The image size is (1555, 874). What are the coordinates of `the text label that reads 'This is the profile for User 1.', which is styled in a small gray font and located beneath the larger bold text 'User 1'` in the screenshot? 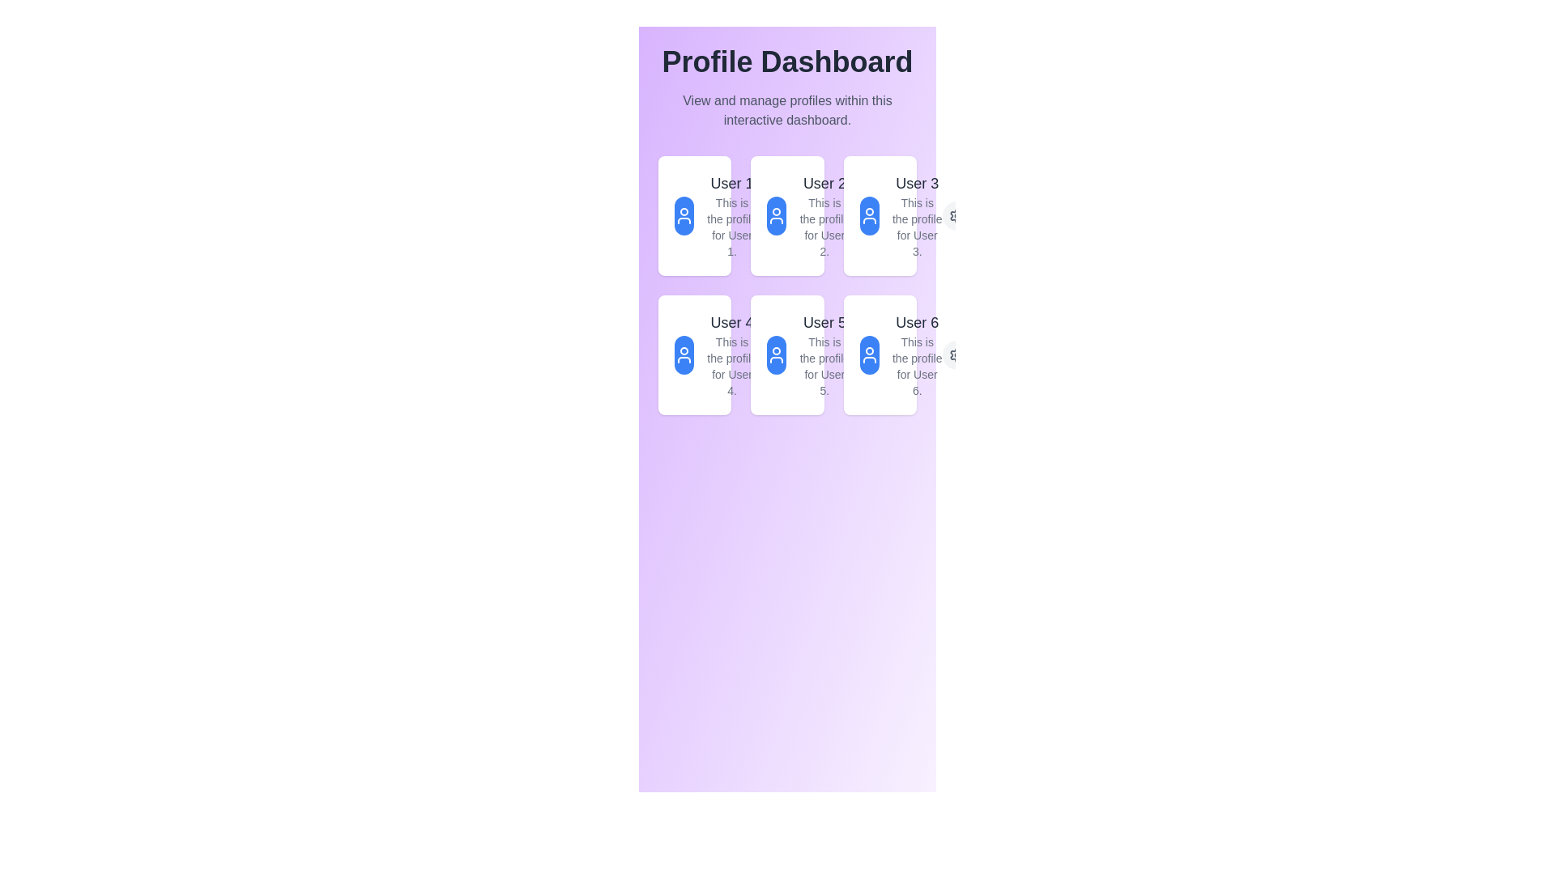 It's located at (731, 227).